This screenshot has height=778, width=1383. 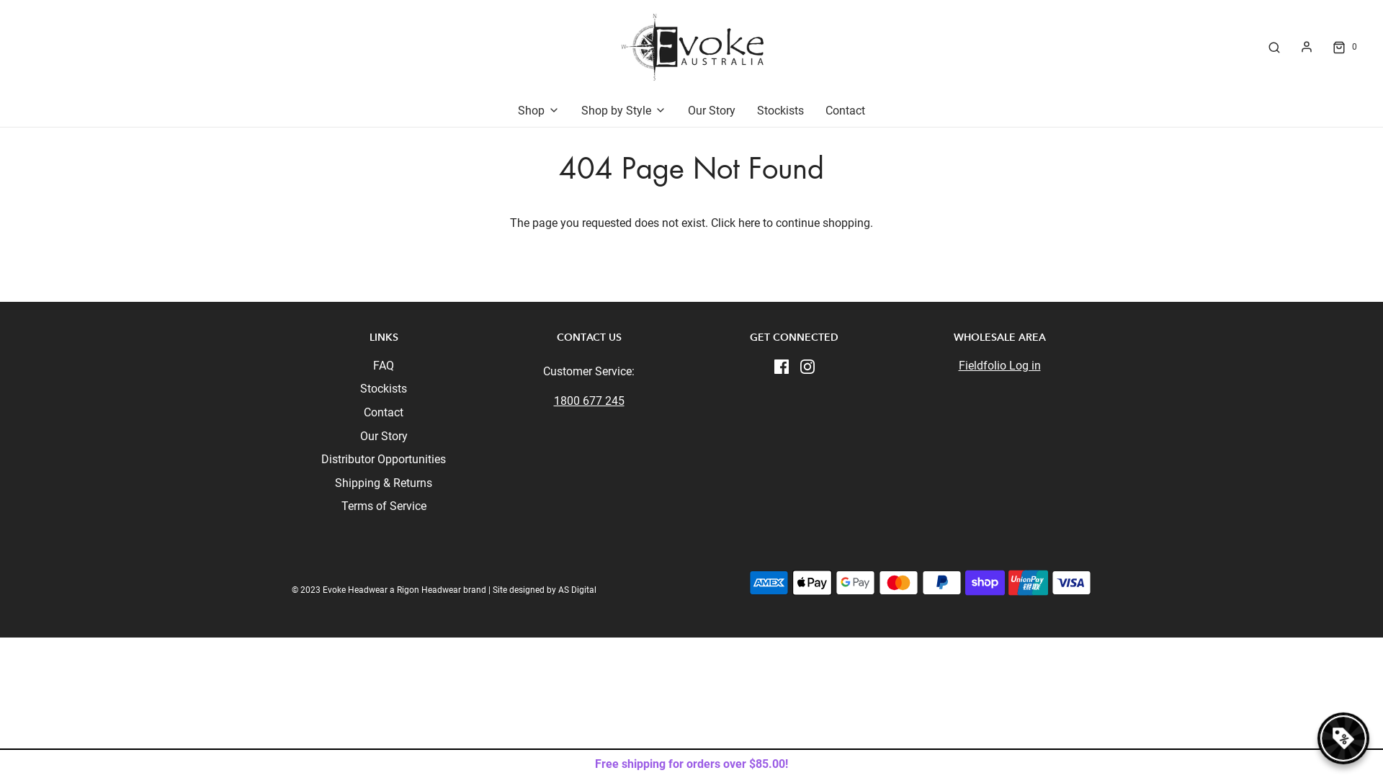 I want to click on 'AS Digital', so click(x=557, y=589).